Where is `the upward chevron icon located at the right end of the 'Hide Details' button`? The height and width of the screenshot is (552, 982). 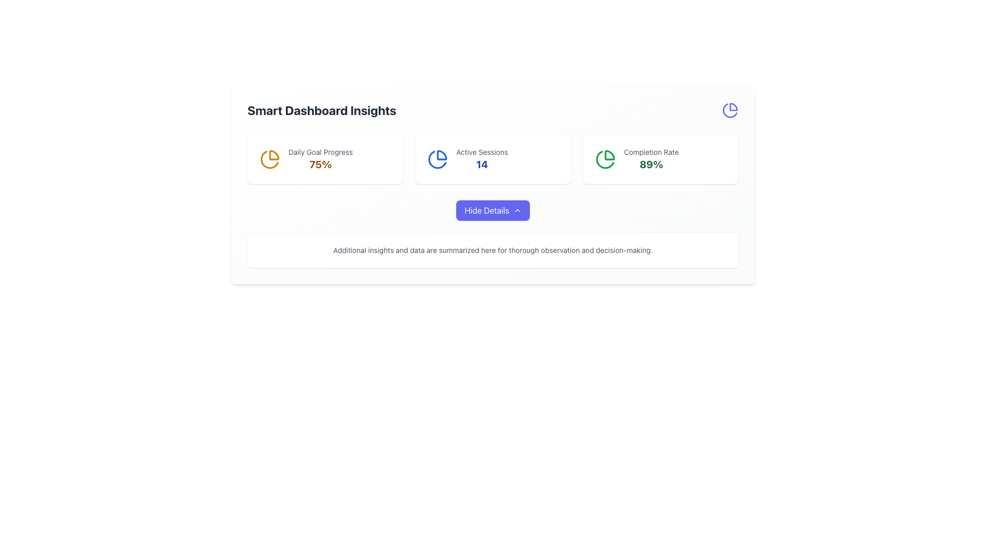
the upward chevron icon located at the right end of the 'Hide Details' button is located at coordinates (517, 210).